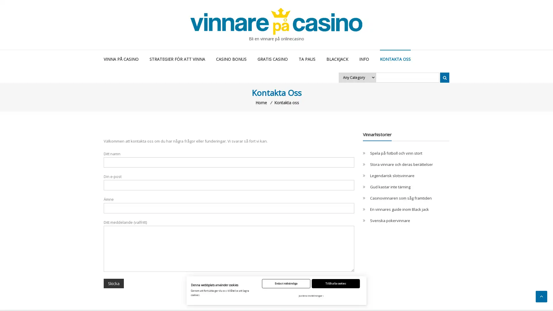 The image size is (553, 311). What do you see at coordinates (113, 283) in the screenshot?
I see `Skicka` at bounding box center [113, 283].